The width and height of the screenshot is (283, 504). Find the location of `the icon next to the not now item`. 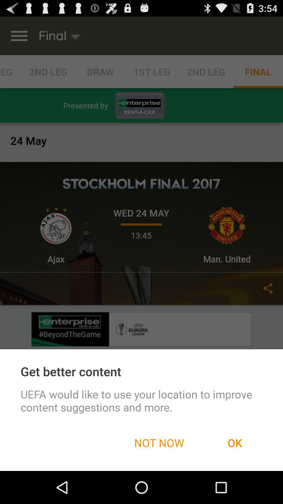

the icon next to the not now item is located at coordinates (235, 442).